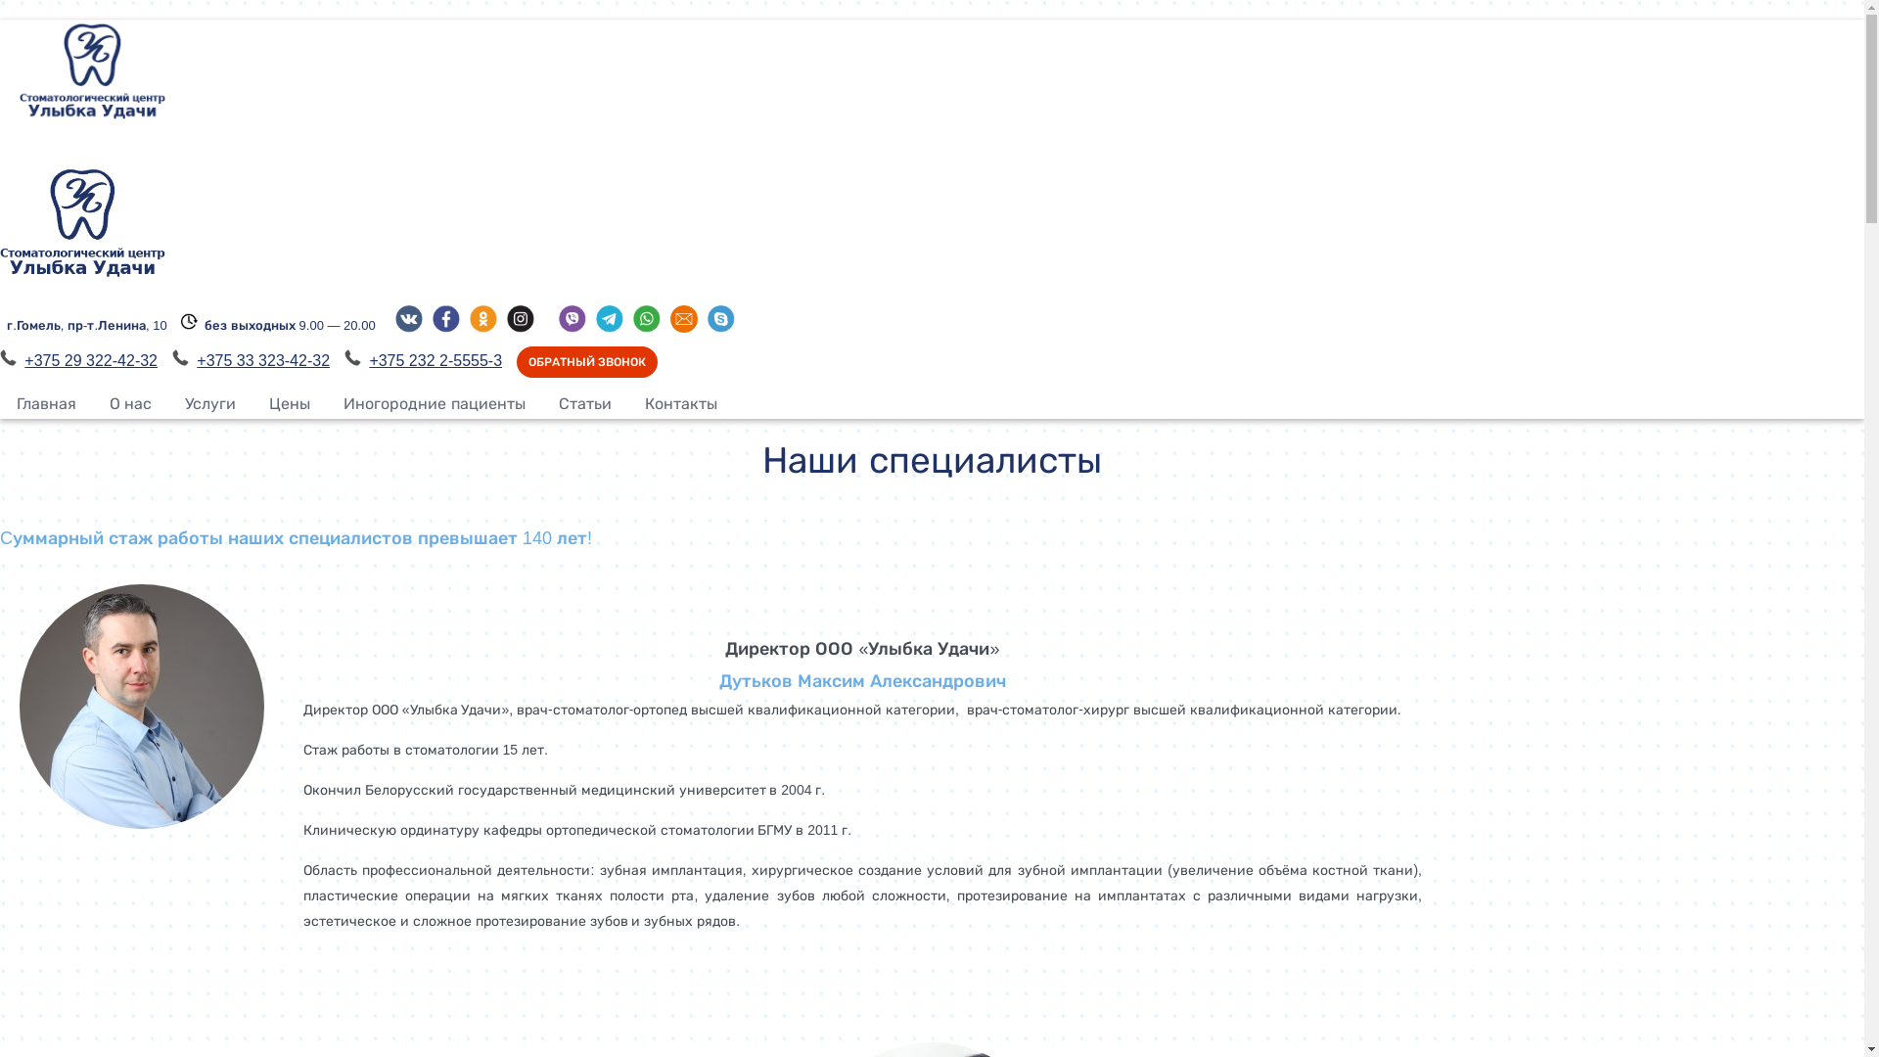 This screenshot has width=1879, height=1057. I want to click on '+375 29 322-42-32', so click(89, 360).